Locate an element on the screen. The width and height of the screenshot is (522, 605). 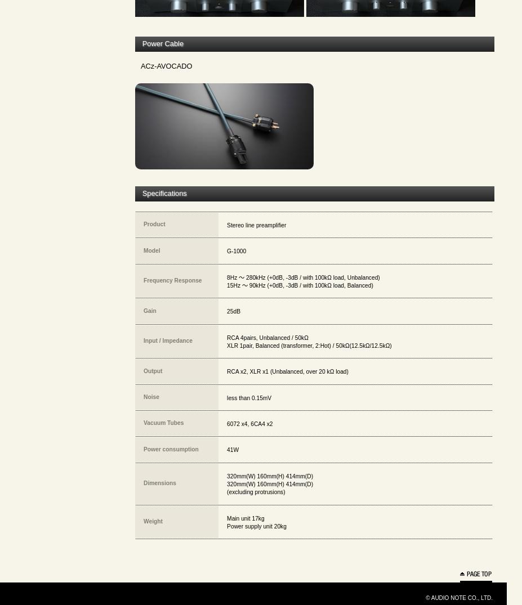
'ACz-AVOCADO' is located at coordinates (166, 65).